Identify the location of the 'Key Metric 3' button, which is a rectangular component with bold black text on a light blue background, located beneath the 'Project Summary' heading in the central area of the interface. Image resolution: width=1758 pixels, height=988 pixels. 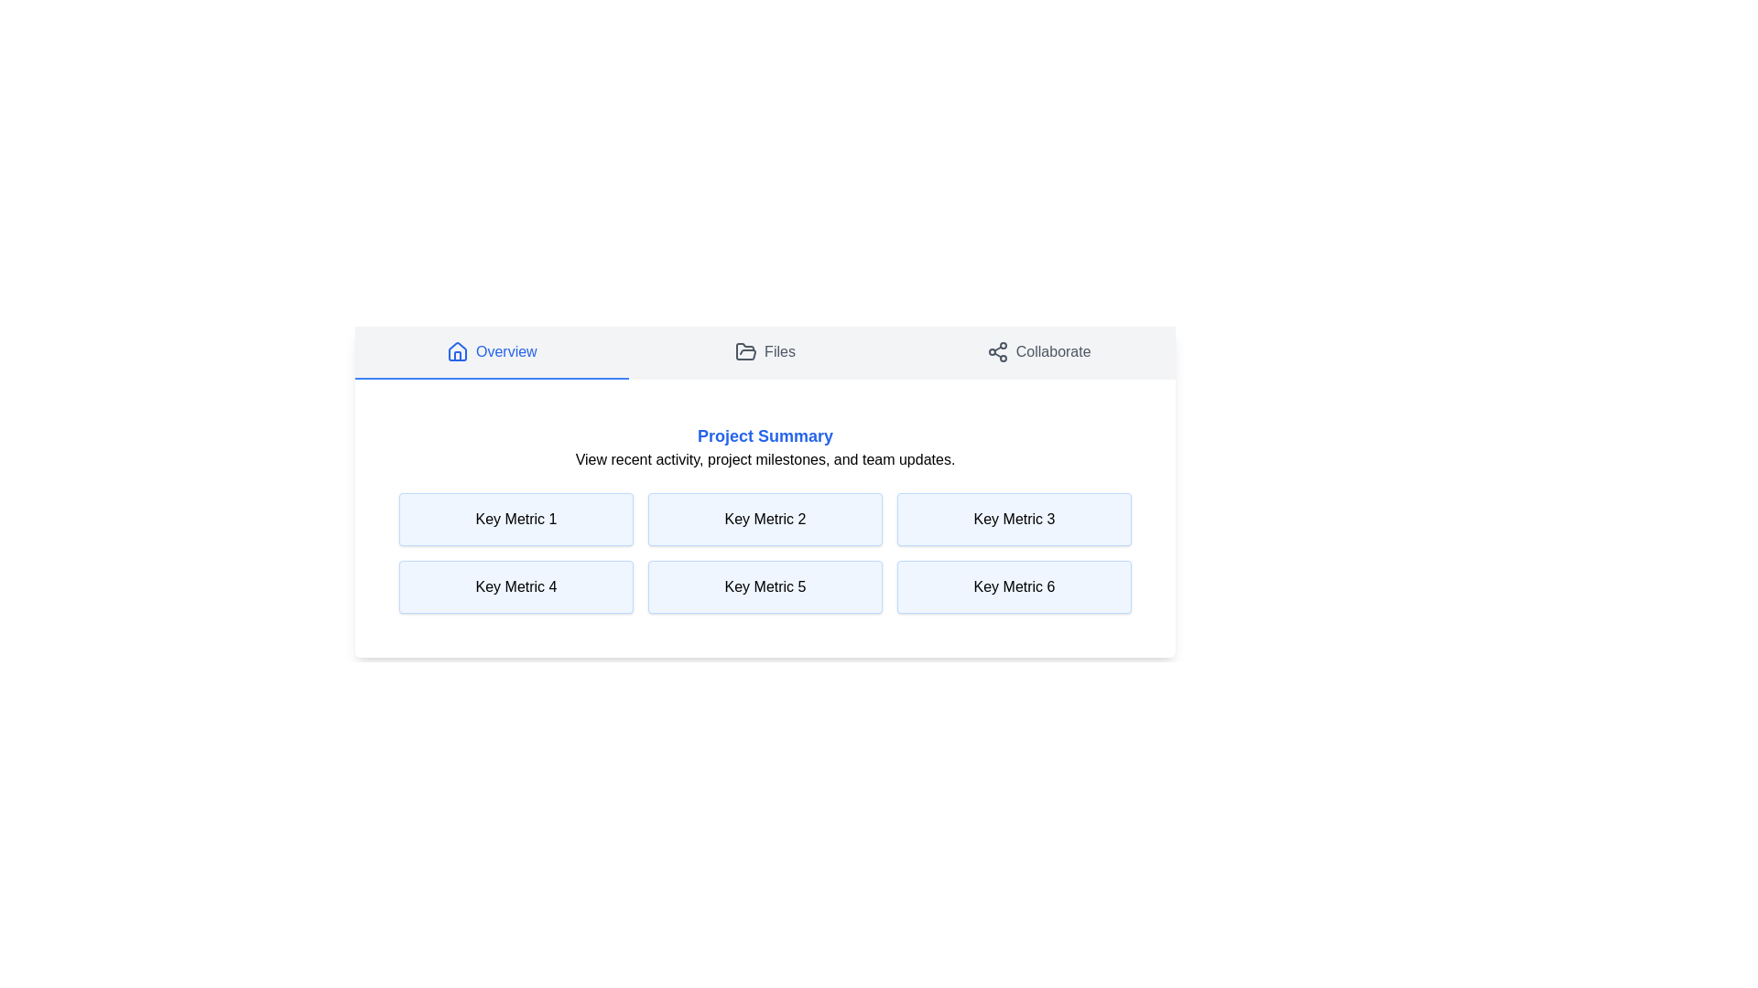
(1014, 519).